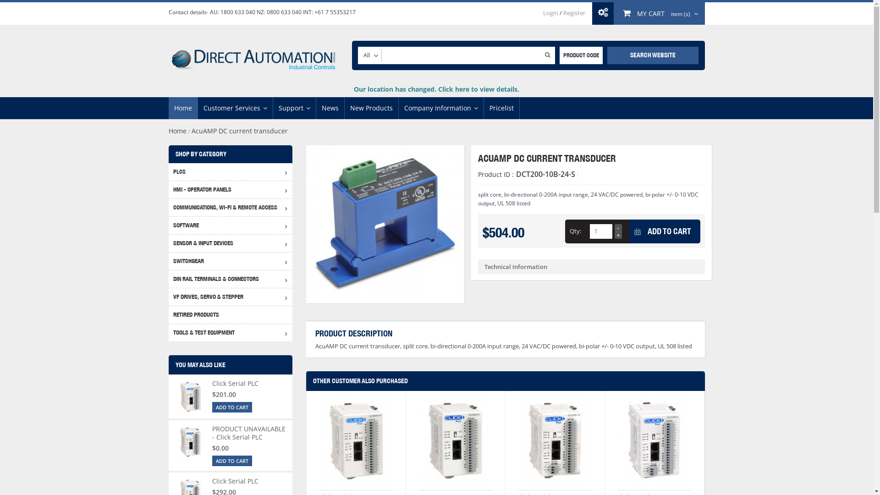 This screenshot has width=880, height=495. Describe the element at coordinates (211, 433) in the screenshot. I see `'PRODUCT UNAVAILABLE - Click Serial PLC'` at that location.